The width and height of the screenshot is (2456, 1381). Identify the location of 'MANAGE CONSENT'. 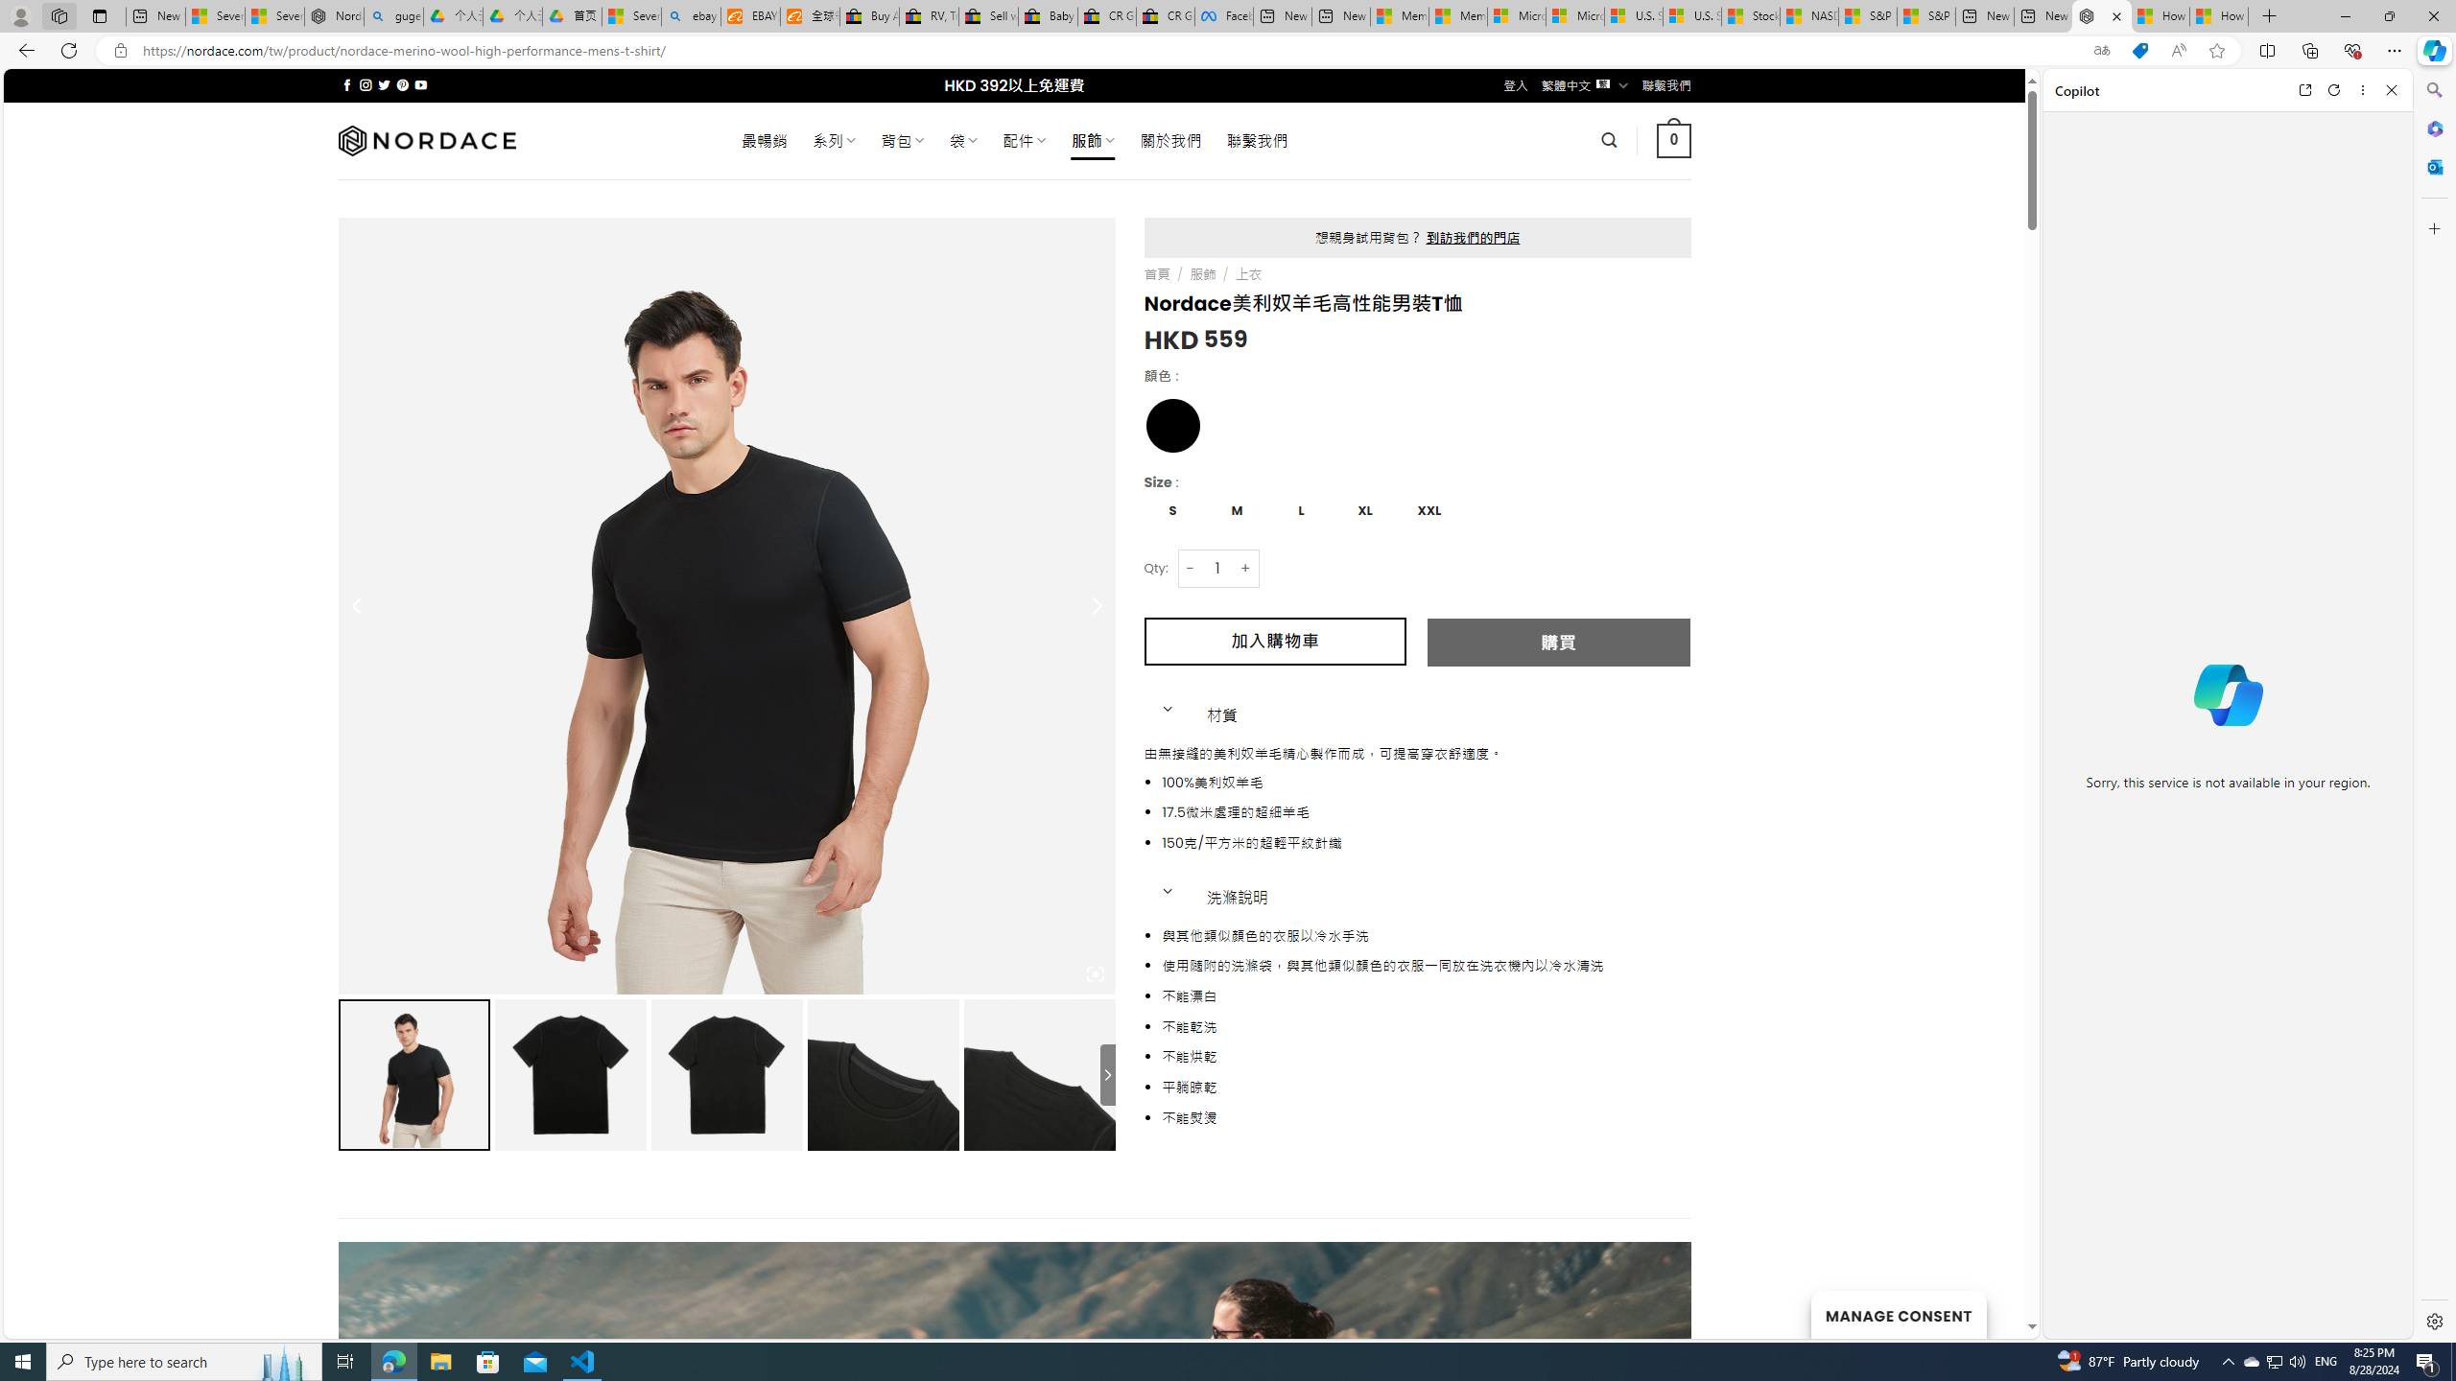
(1897, 1314).